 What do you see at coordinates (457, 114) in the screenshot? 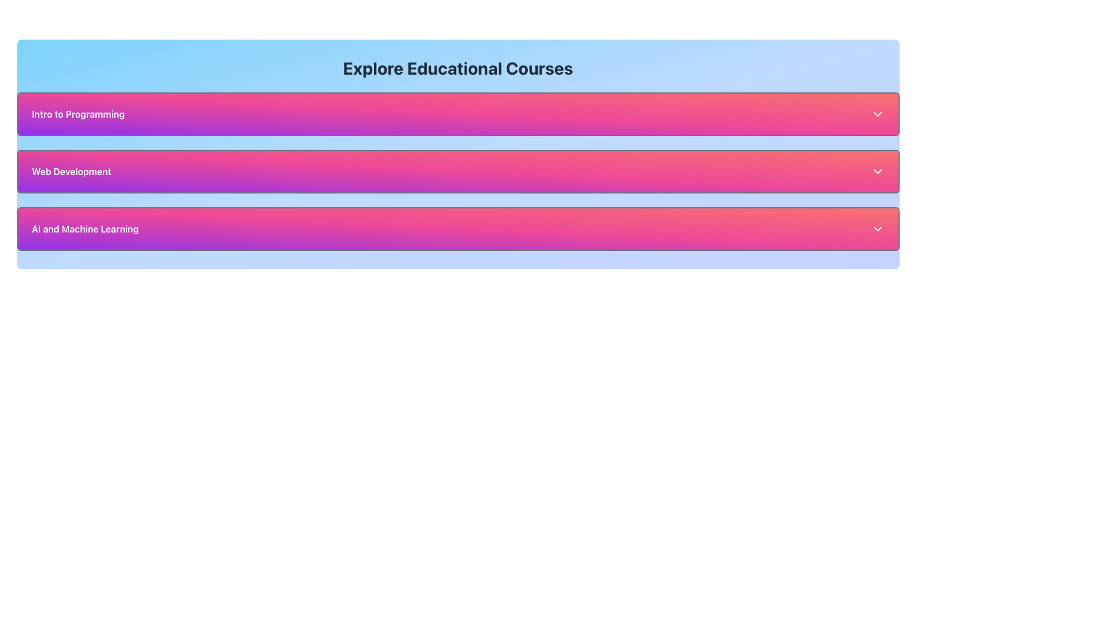
I see `the 'Intro to Programming' button, which is a rectangular bar with a gradient from purple to pink to red and features white bold text on the left and a down-chevron icon on the right` at bounding box center [457, 114].